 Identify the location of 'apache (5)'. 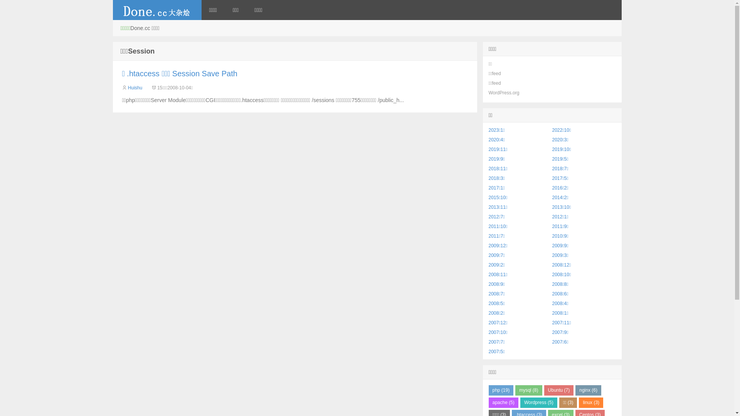
(503, 402).